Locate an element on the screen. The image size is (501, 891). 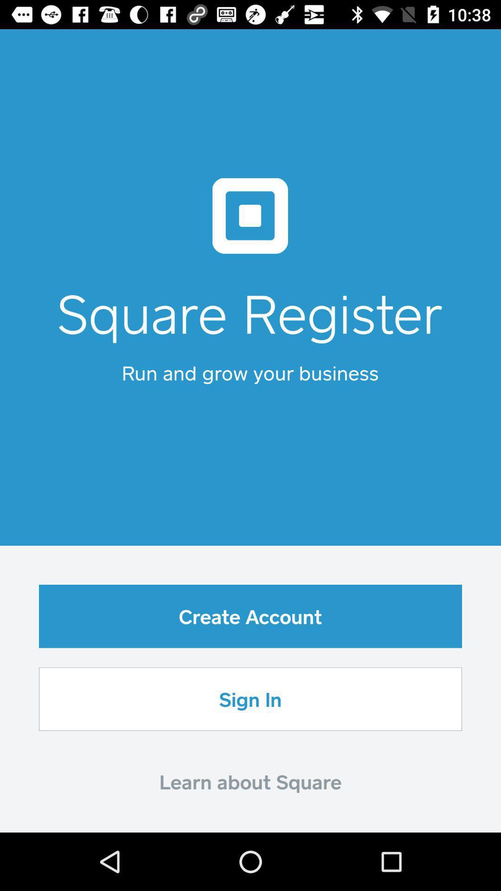
learn about square item is located at coordinates (250, 781).